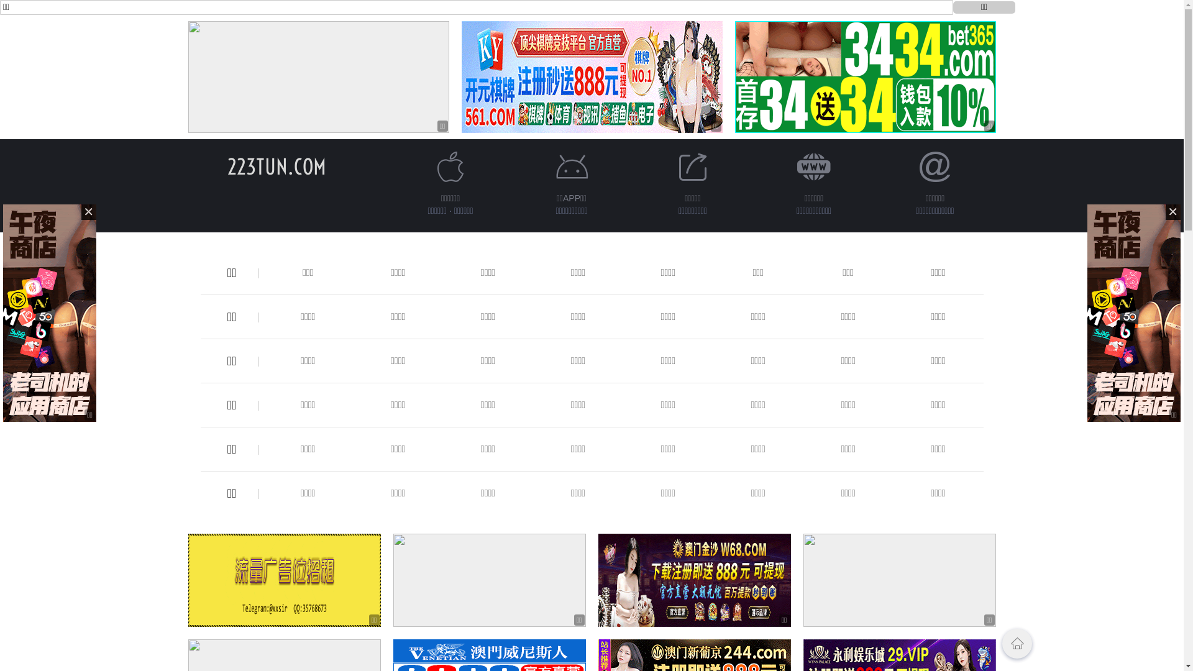 The height and width of the screenshot is (671, 1193). I want to click on '223TUN.COM', so click(276, 166).